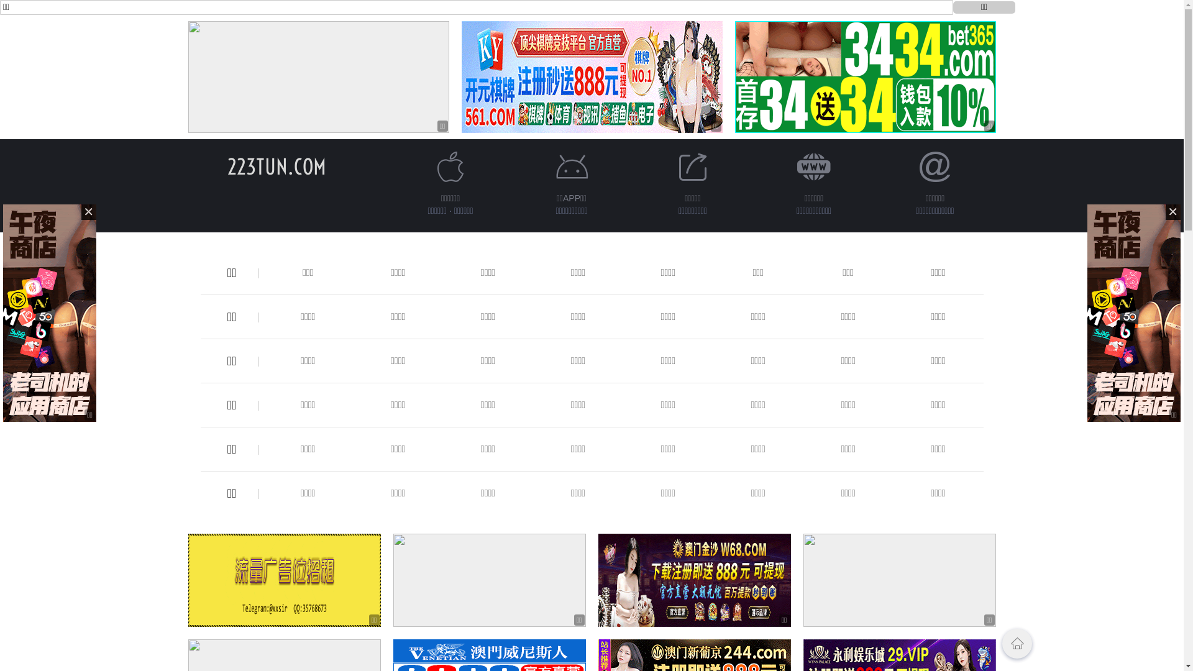 The height and width of the screenshot is (671, 1193). I want to click on '223TUN.COM', so click(276, 166).